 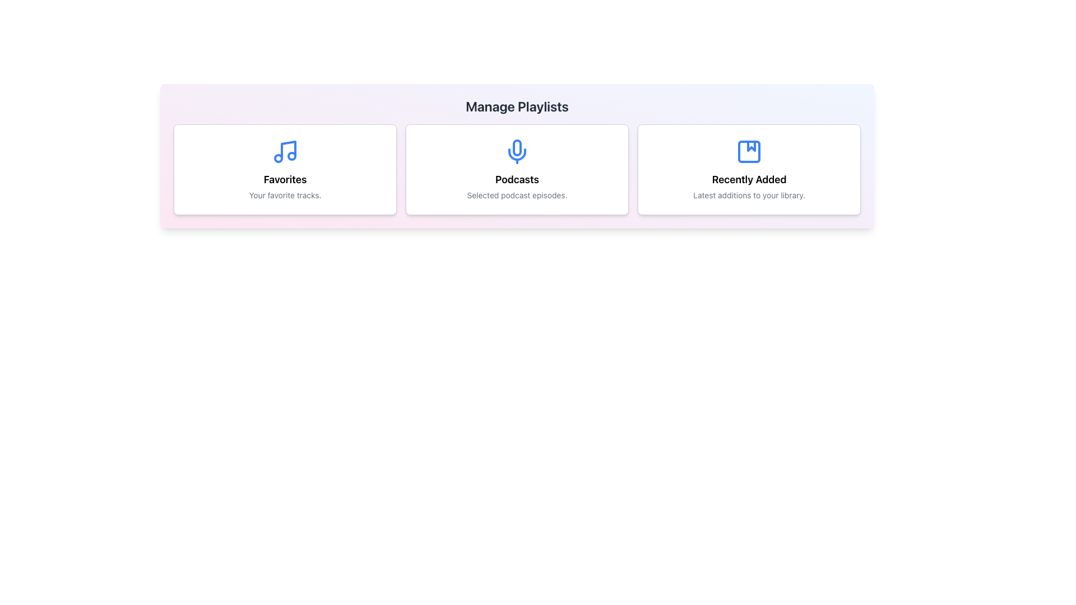 What do you see at coordinates (279, 158) in the screenshot?
I see `the smaller circle at the bottom-left of the music note icon in the 'Favorites' tile within the 'Manage Playlists' section` at bounding box center [279, 158].